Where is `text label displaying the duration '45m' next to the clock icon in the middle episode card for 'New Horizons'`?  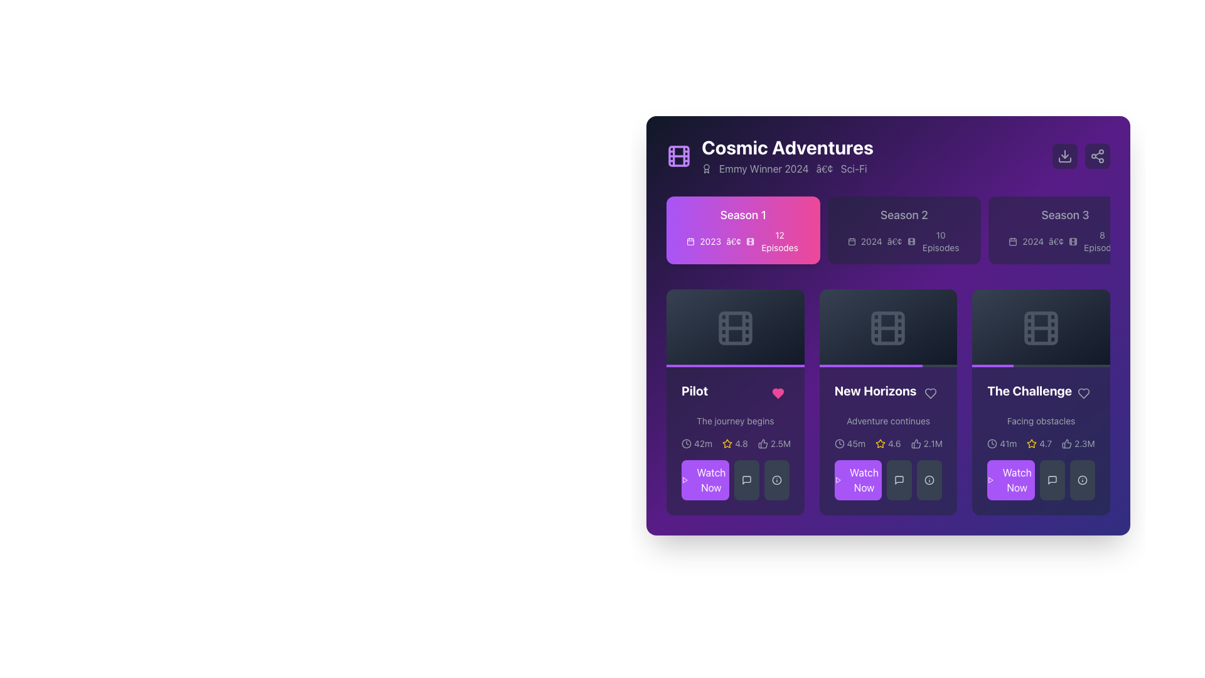 text label displaying the duration '45m' next to the clock icon in the middle episode card for 'New Horizons' is located at coordinates (855, 443).